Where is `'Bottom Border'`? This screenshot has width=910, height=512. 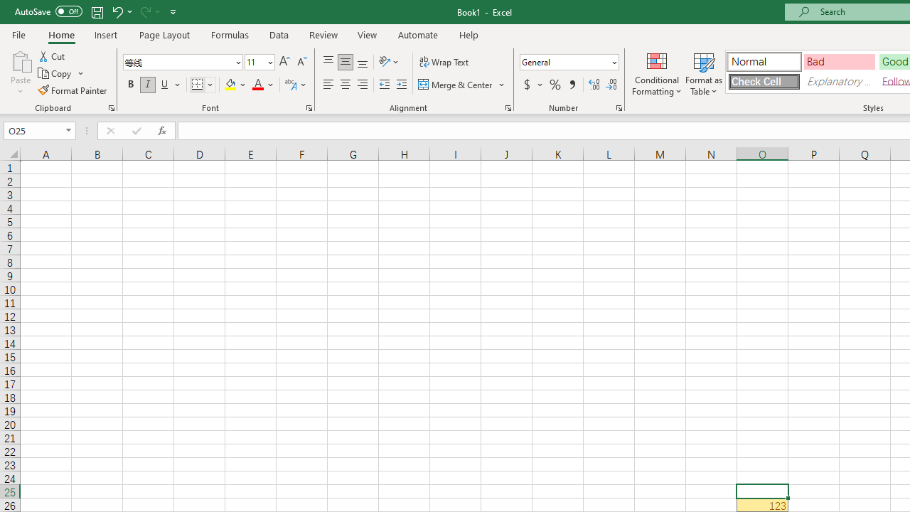
'Bottom Border' is located at coordinates (197, 85).